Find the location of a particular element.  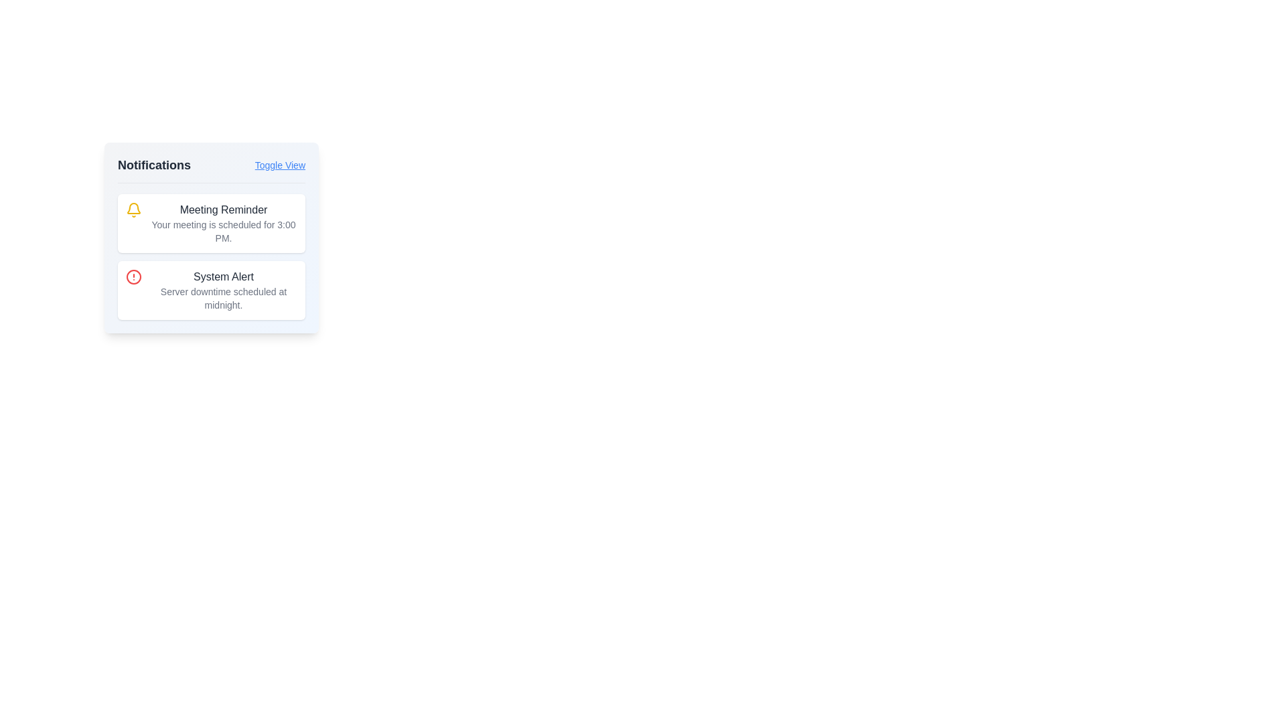

the yellow bell-shaped icon located to the left of the 'Meeting Reminder' text is located at coordinates (134, 210).